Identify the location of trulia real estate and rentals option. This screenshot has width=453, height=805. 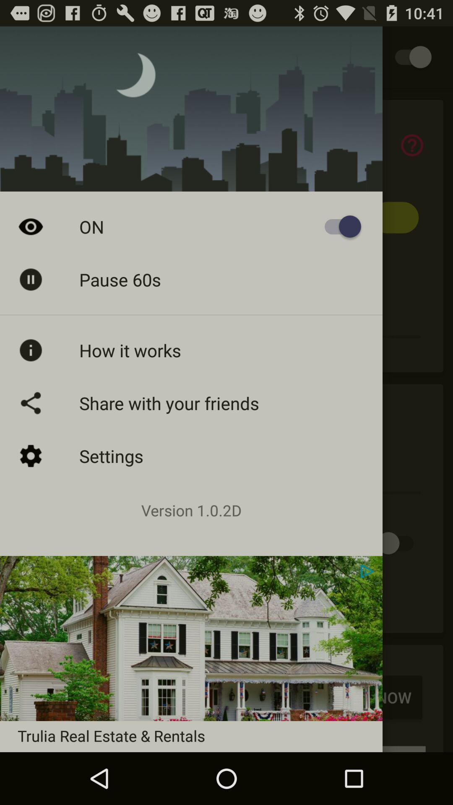
(226, 694).